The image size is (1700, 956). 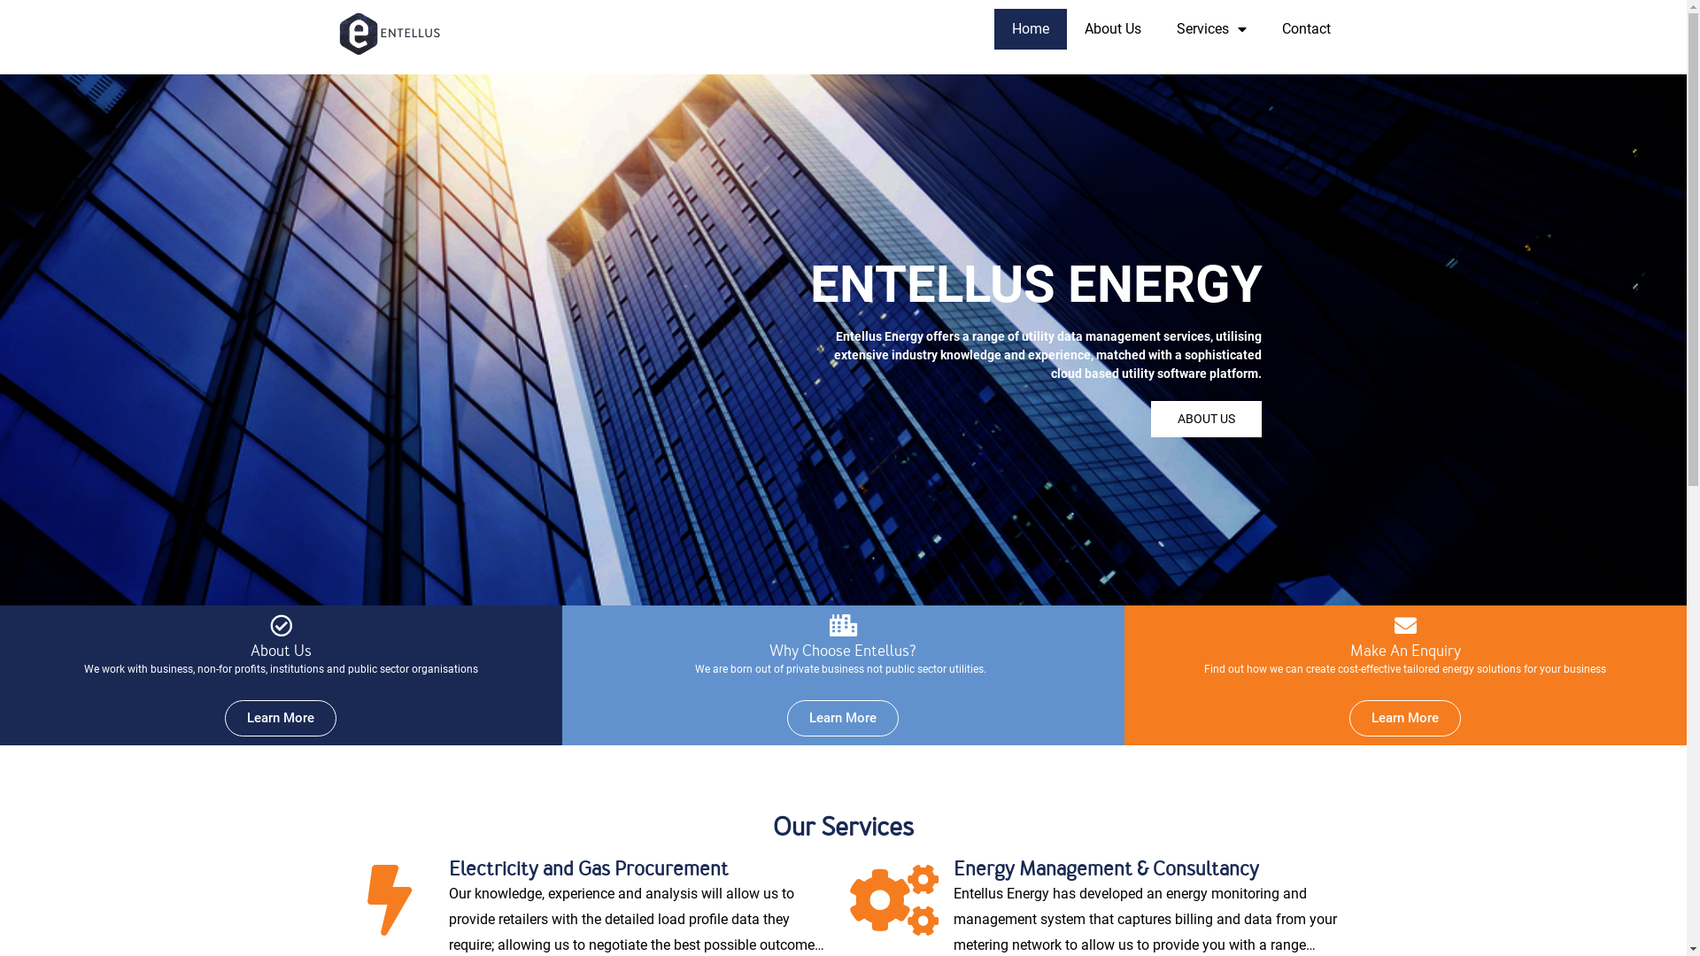 I want to click on 'About Us', so click(x=1065, y=29).